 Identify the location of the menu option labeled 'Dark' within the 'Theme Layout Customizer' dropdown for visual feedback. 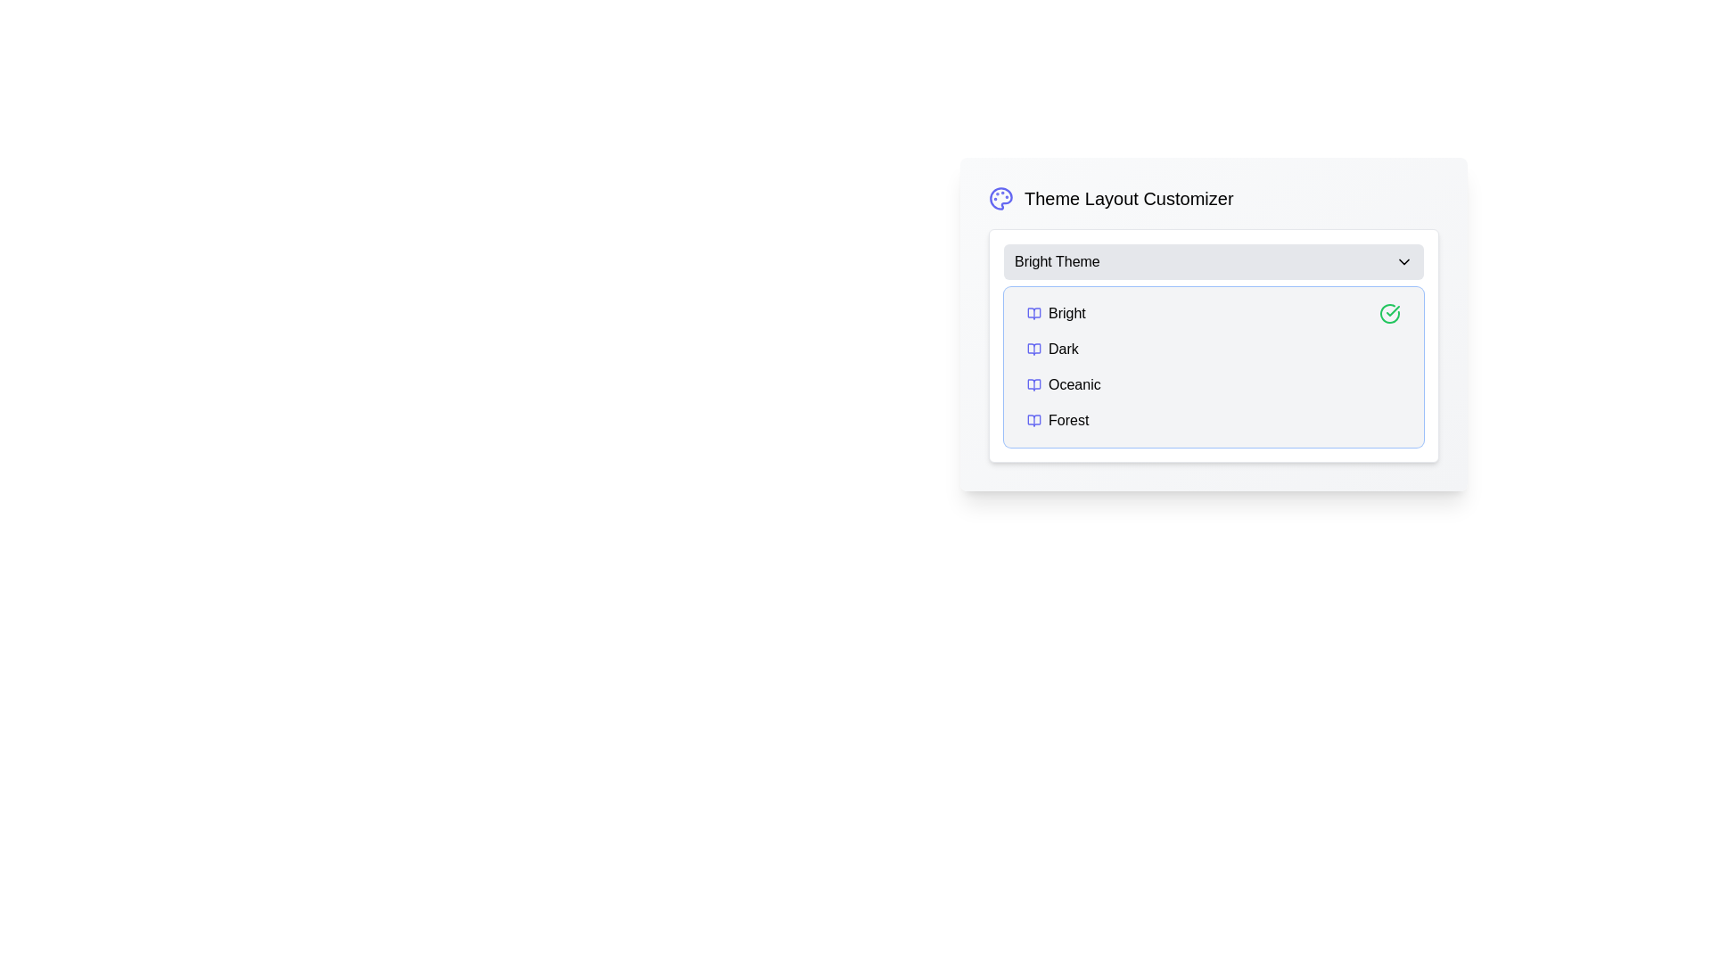
(1213, 350).